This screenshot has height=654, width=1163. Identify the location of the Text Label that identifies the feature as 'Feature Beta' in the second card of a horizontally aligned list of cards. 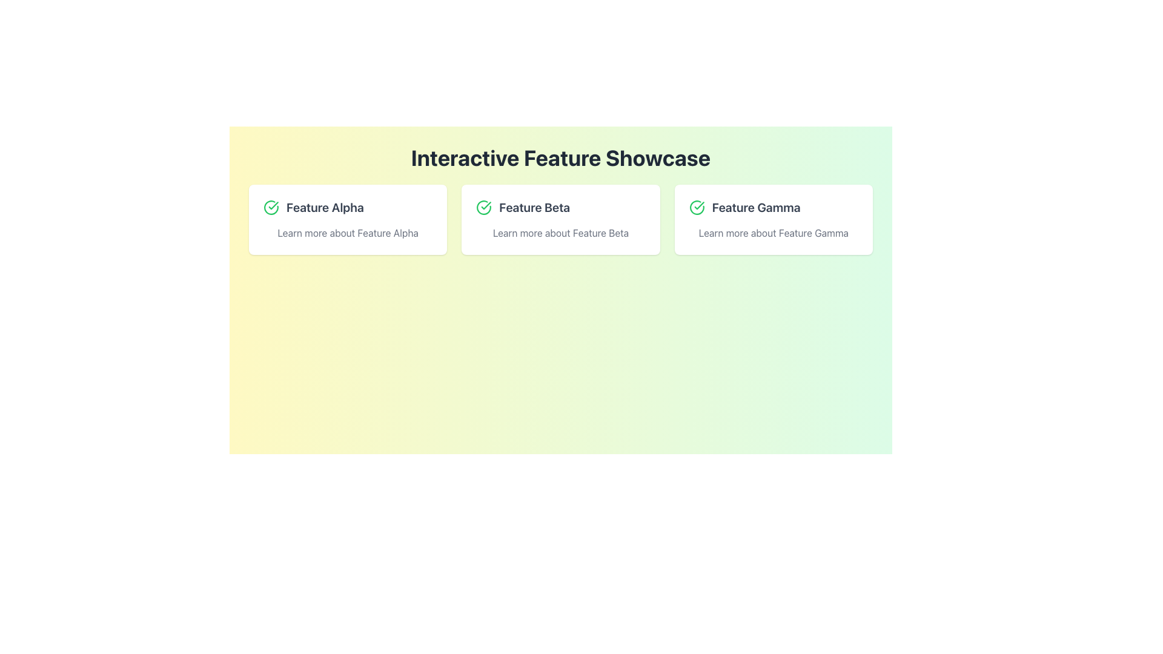
(534, 207).